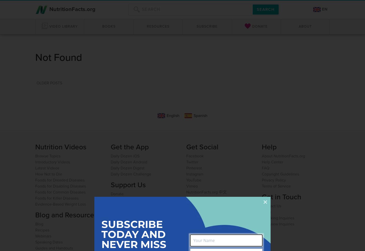  Describe the element at coordinates (131, 173) in the screenshot. I see `'Daily Dozen Challenge'` at that location.